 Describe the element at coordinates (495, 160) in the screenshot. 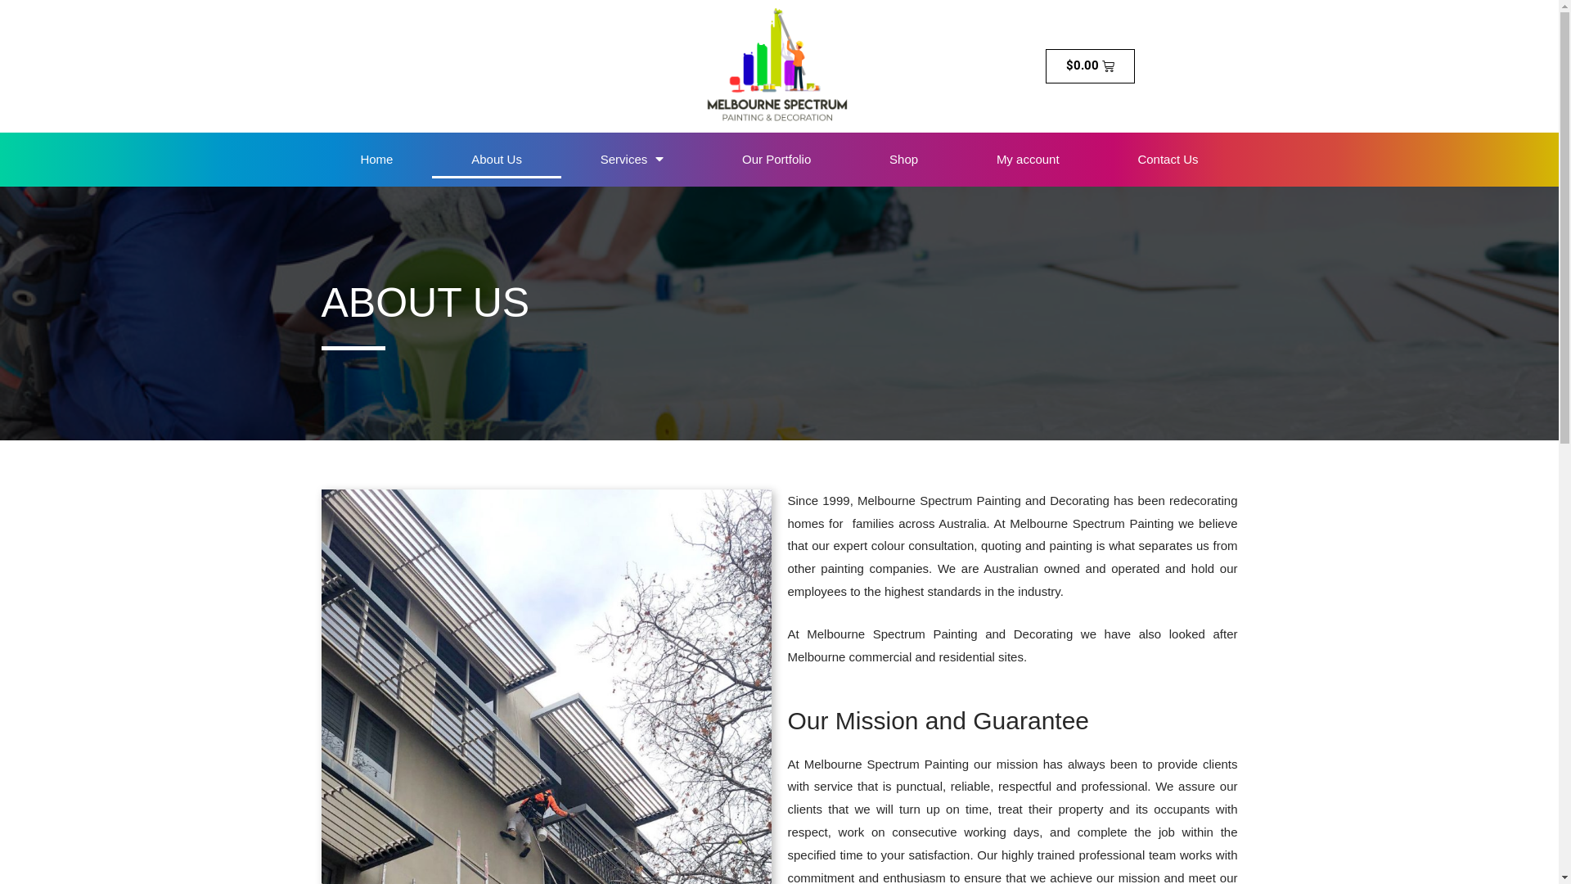

I see `'About Us'` at that location.